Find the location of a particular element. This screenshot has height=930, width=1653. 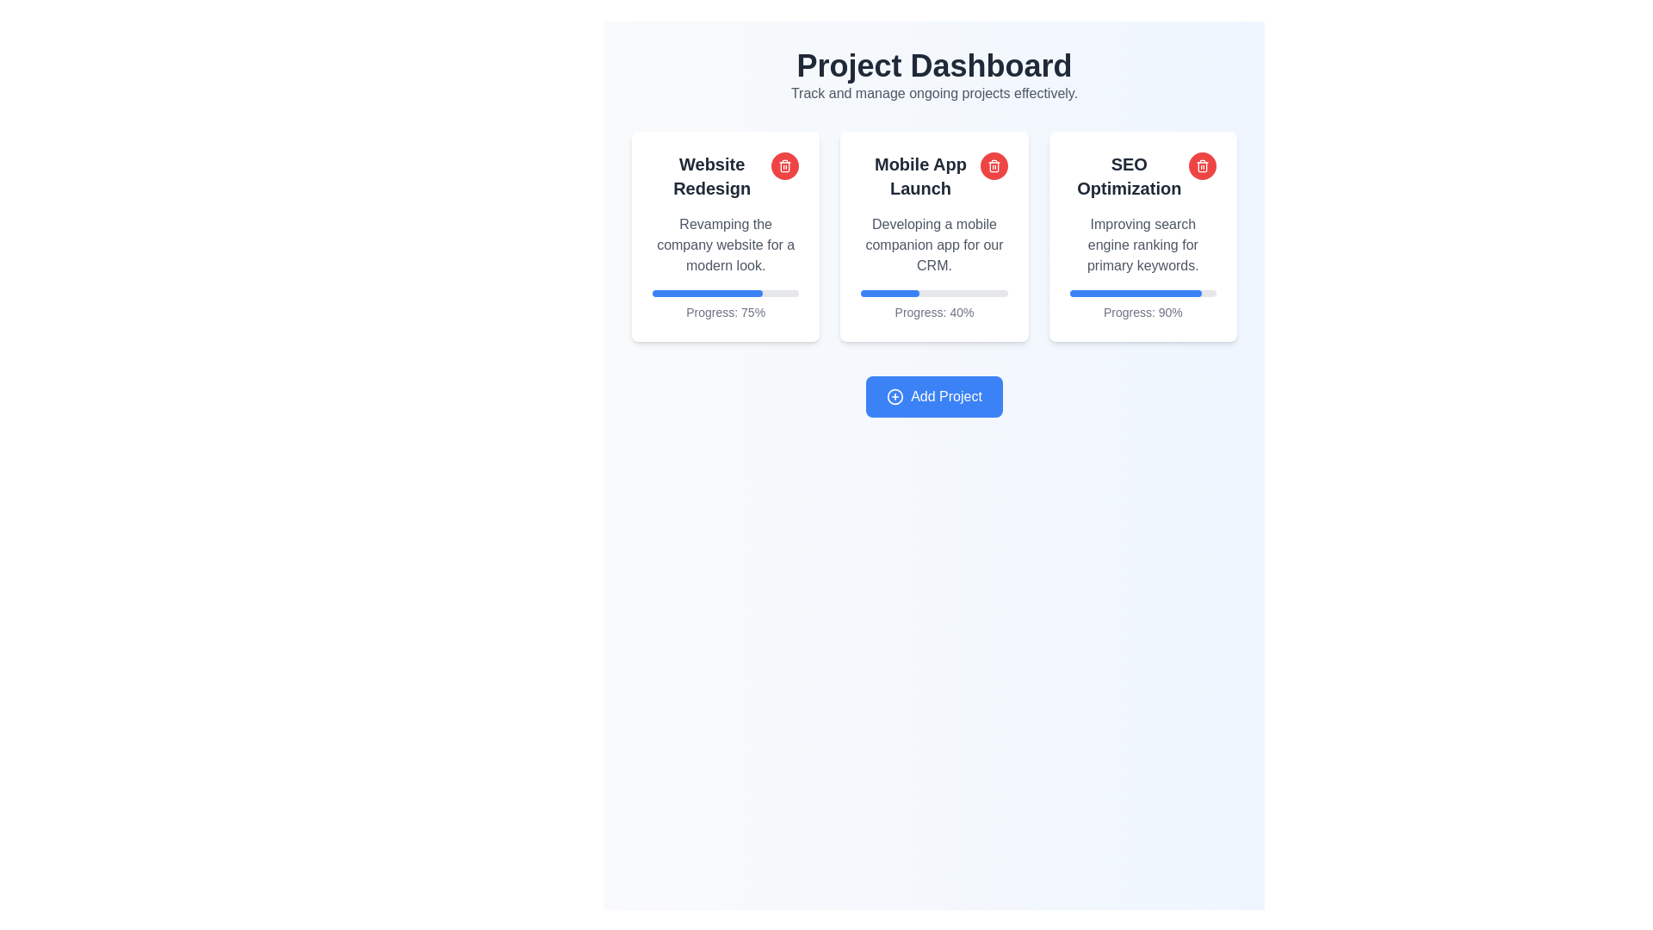

the horizontal progress bar located at the bottom region of the 'Website Redesign' card, which has a grey background and a blue progress indicator filling 75% is located at coordinates (726, 292).